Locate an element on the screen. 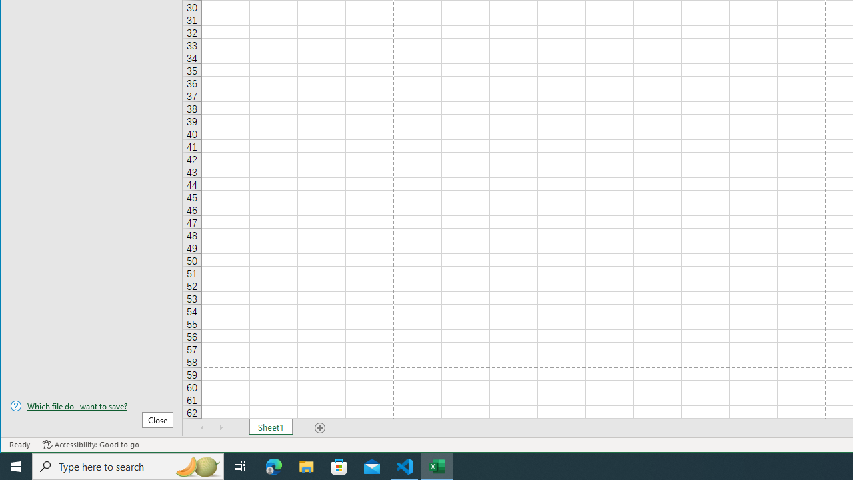 This screenshot has height=480, width=853. 'Search highlights icon opens search home window' is located at coordinates (196, 465).